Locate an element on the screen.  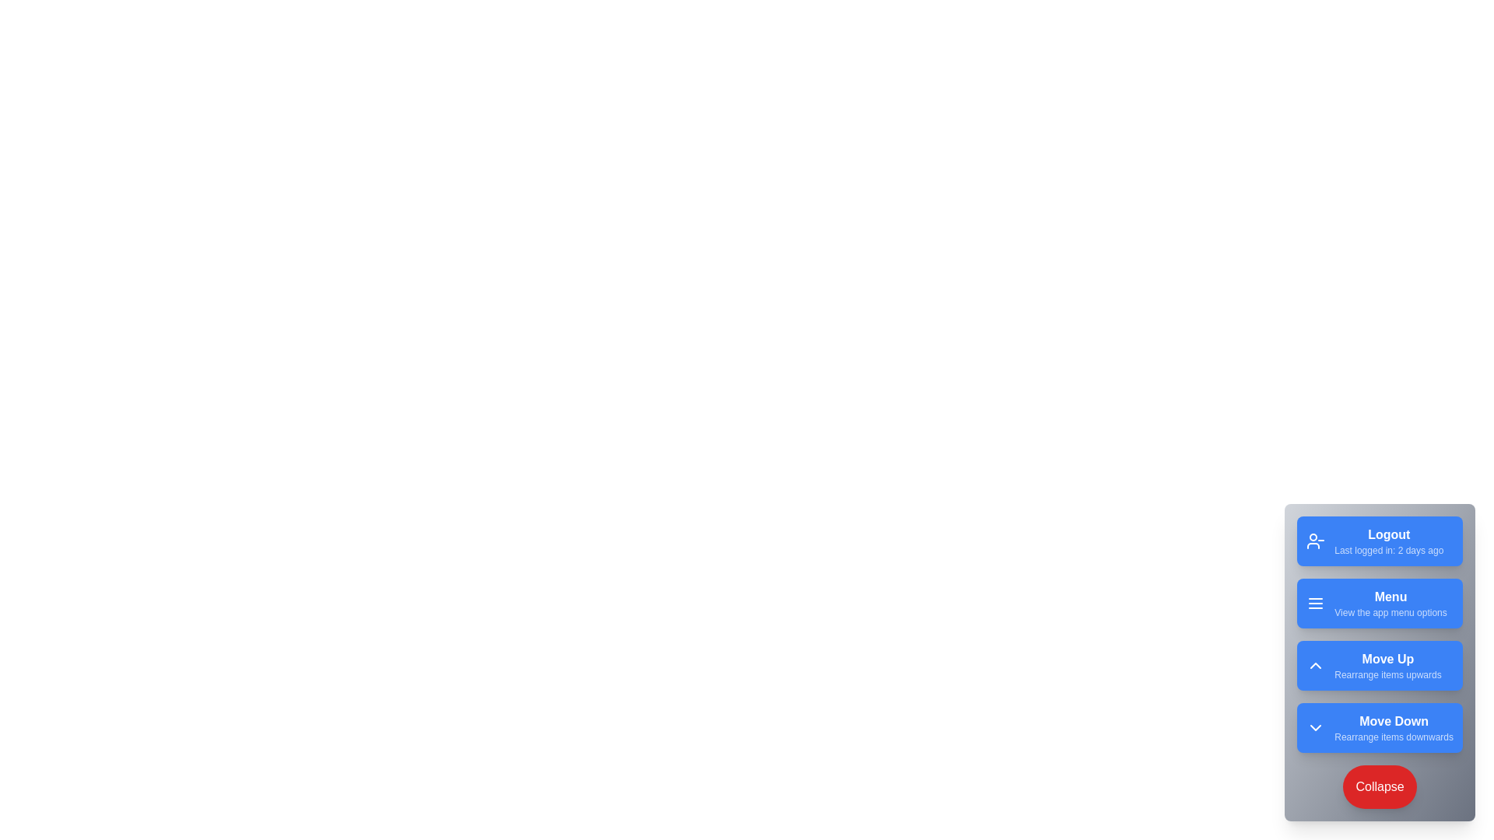
the Text label that displays the last login time of the user, positioned below the 'Logout' label in the sidebar is located at coordinates (1389, 550).